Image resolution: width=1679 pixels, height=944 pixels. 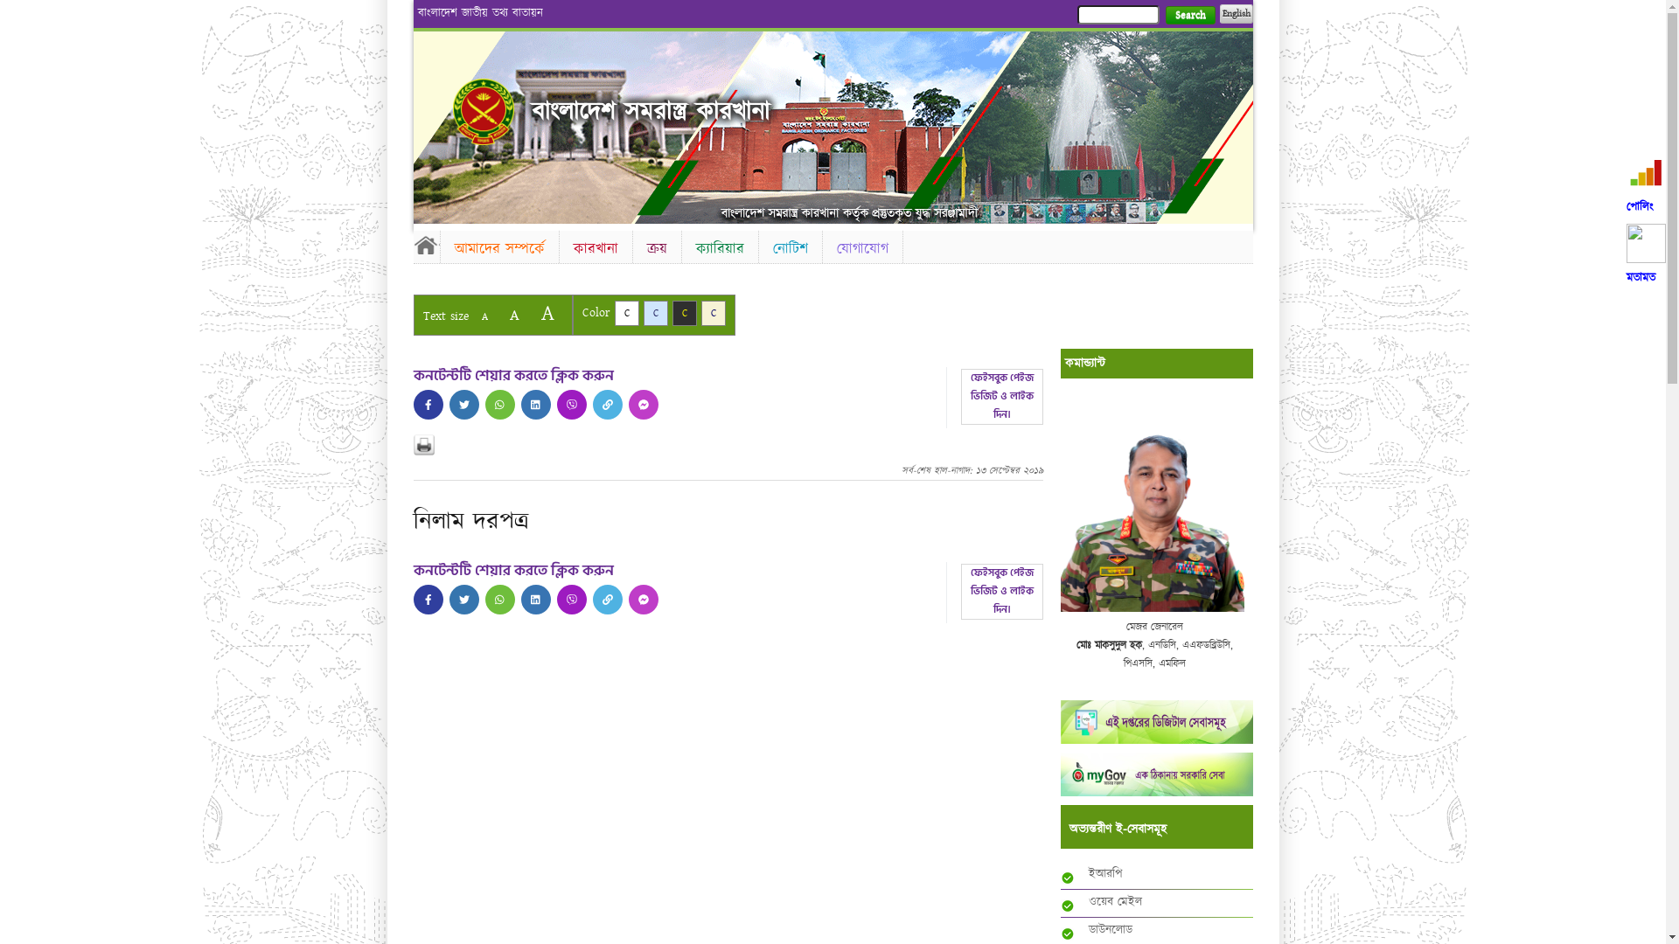 What do you see at coordinates (1234, 13) in the screenshot?
I see `'English'` at bounding box center [1234, 13].